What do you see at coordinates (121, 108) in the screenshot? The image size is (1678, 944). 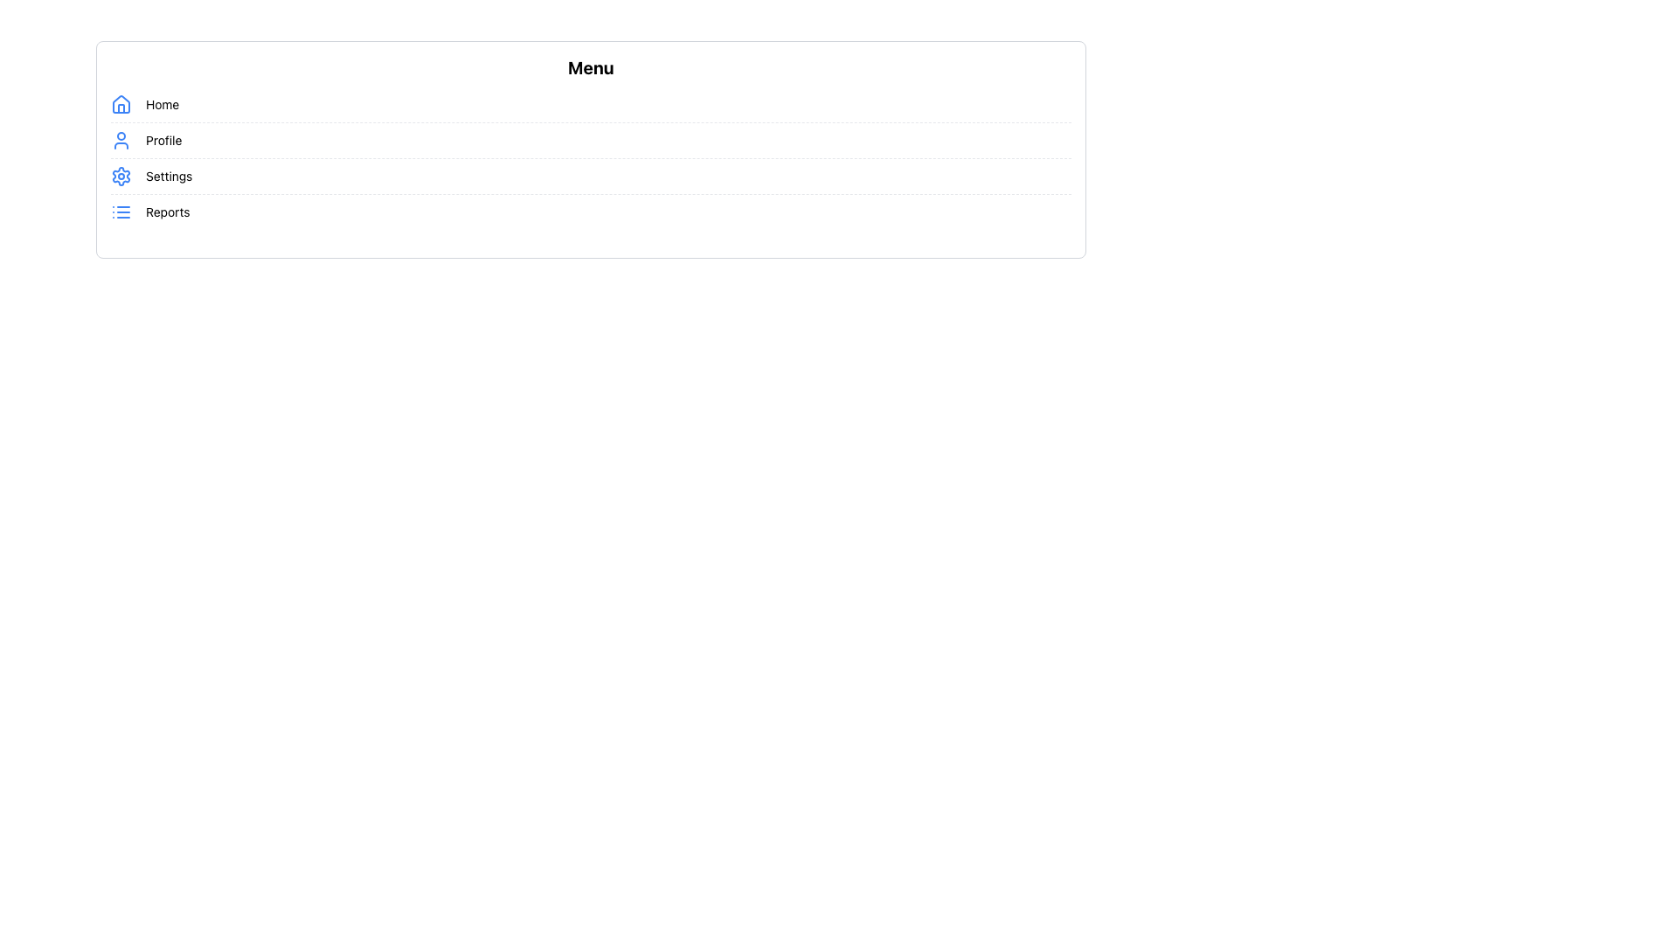 I see `the door element of the house icon located in the lower-central part of the icon, which is positioned on the left side of the menu entry labeled 'Home.'` at bounding box center [121, 108].